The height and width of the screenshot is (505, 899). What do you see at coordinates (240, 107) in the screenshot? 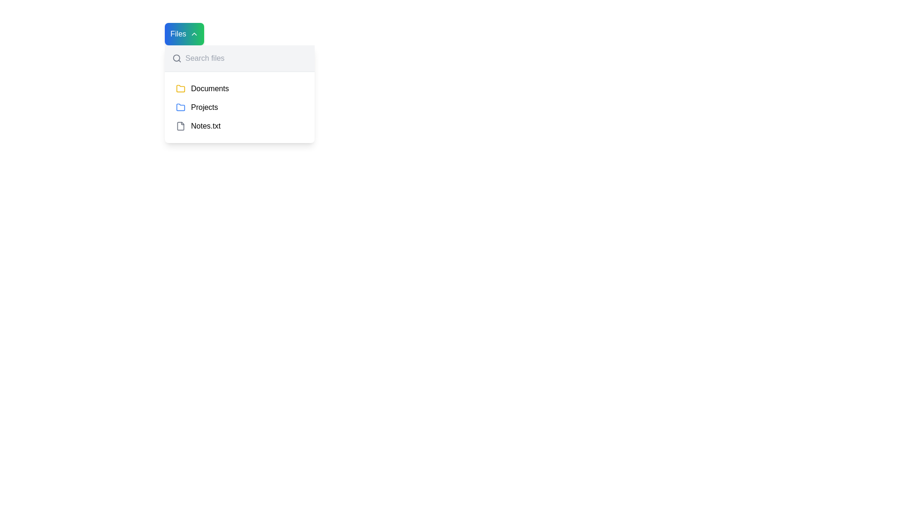
I see `the second list item in the file navigation system` at bounding box center [240, 107].